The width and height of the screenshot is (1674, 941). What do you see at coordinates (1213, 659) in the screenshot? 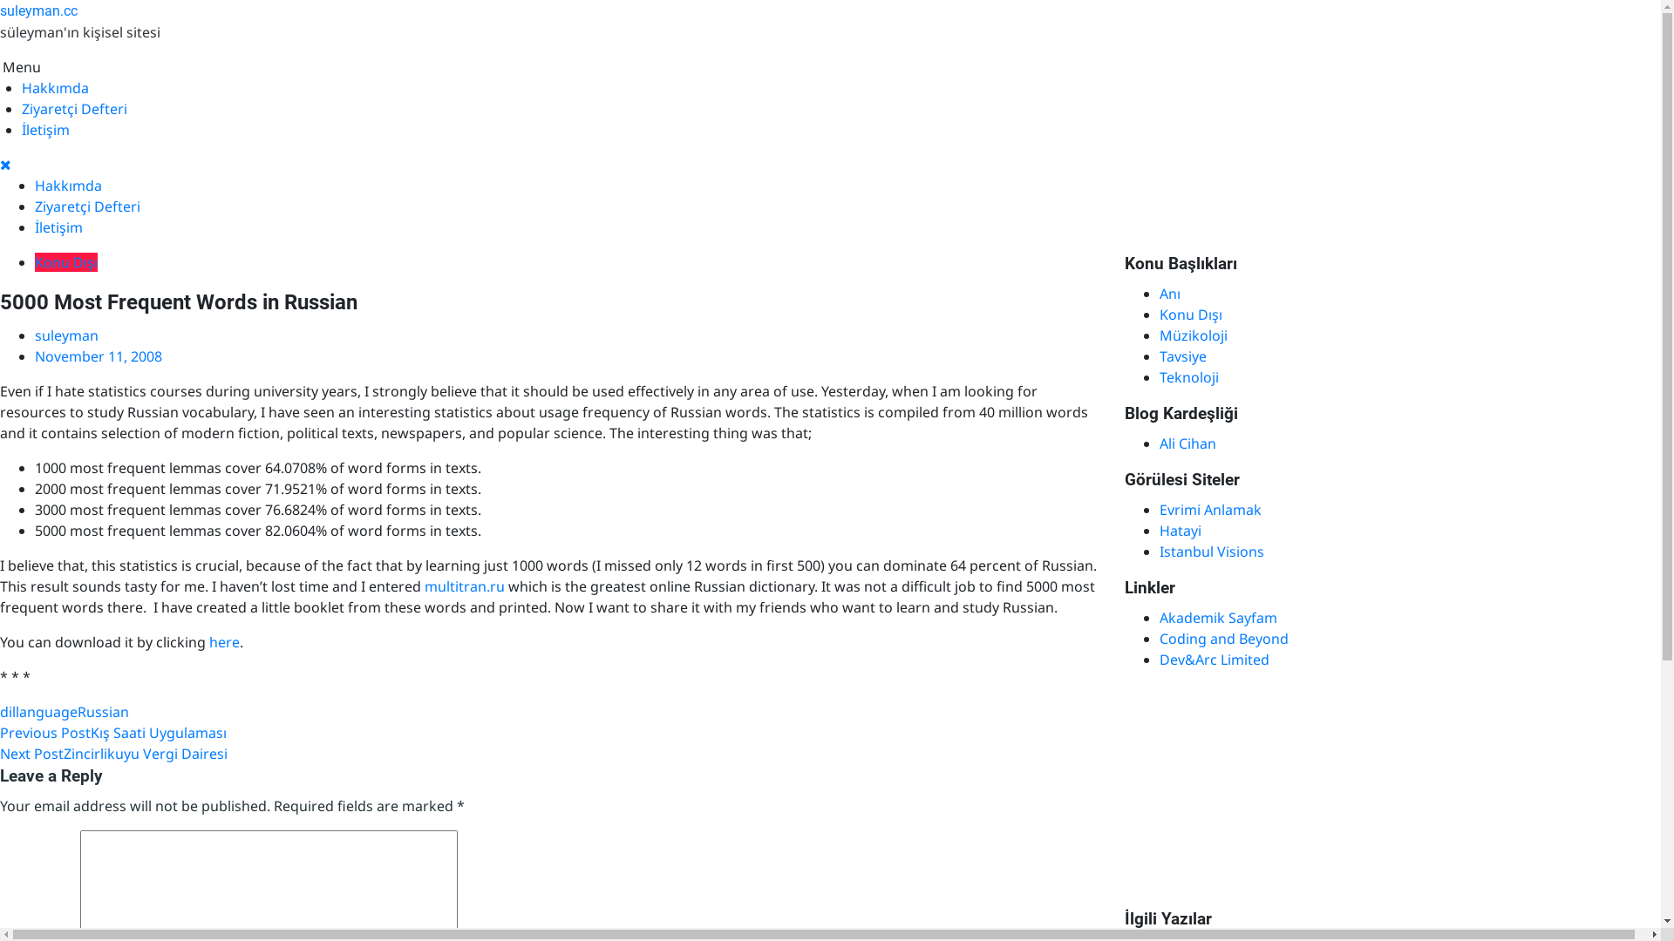
I see `'Dev&Arc Limited'` at bounding box center [1213, 659].